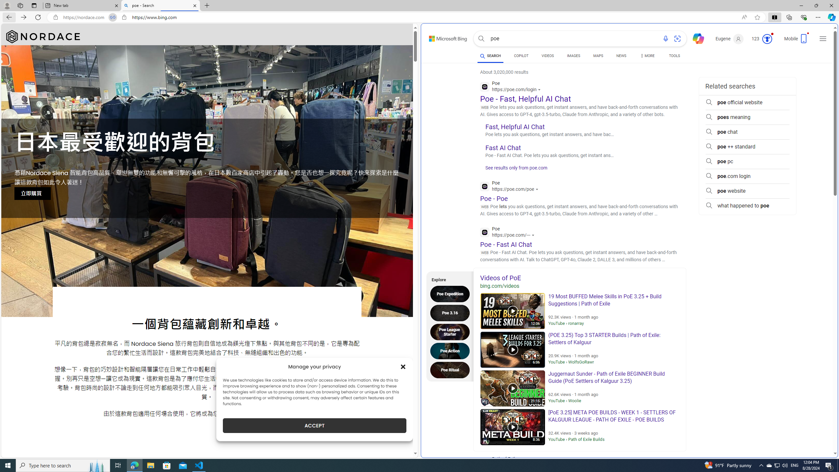  I want to click on 'poe ++ standard', so click(747, 147).